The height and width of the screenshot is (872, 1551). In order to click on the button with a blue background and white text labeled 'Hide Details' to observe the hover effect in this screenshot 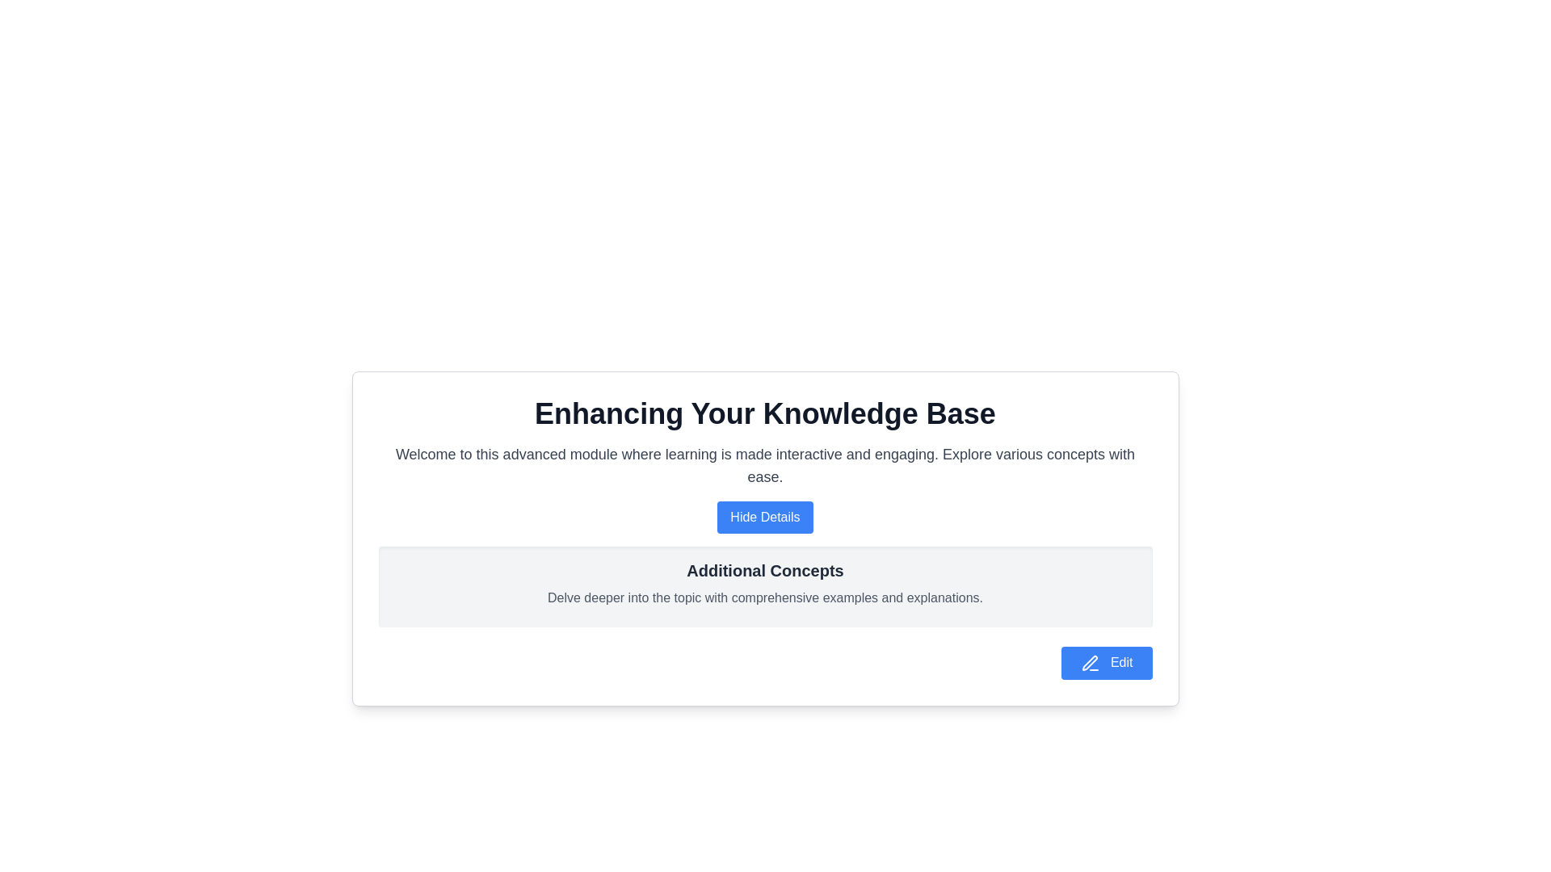, I will do `click(764, 517)`.